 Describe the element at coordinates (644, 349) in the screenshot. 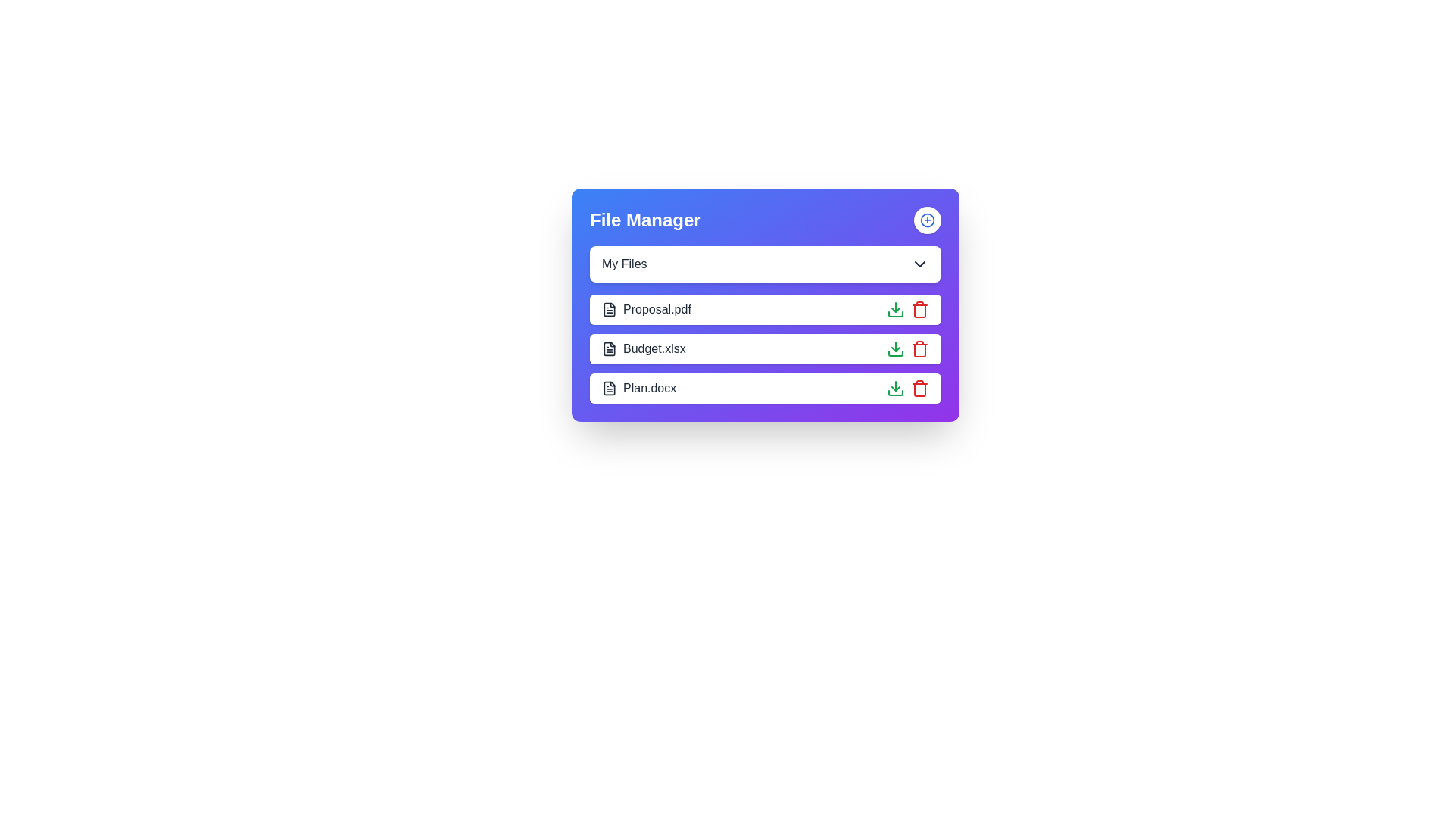

I see `the text display showing the file name 'Budget.xlsx' in the File Manager, which is positioned between 'Proposal.pdf' and 'Plan.docx'` at that location.